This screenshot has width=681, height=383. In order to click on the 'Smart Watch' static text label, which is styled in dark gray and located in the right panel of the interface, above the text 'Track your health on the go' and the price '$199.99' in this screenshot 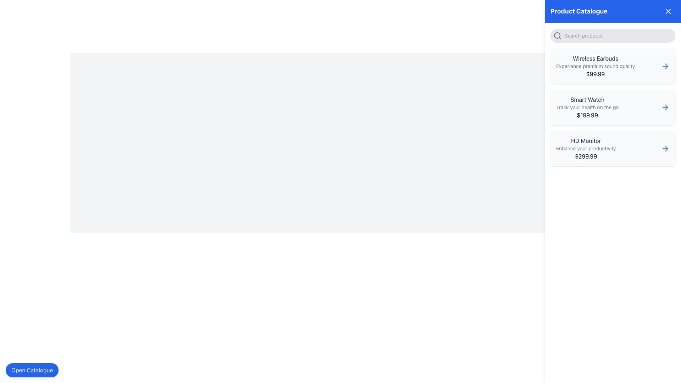, I will do `click(587, 100)`.